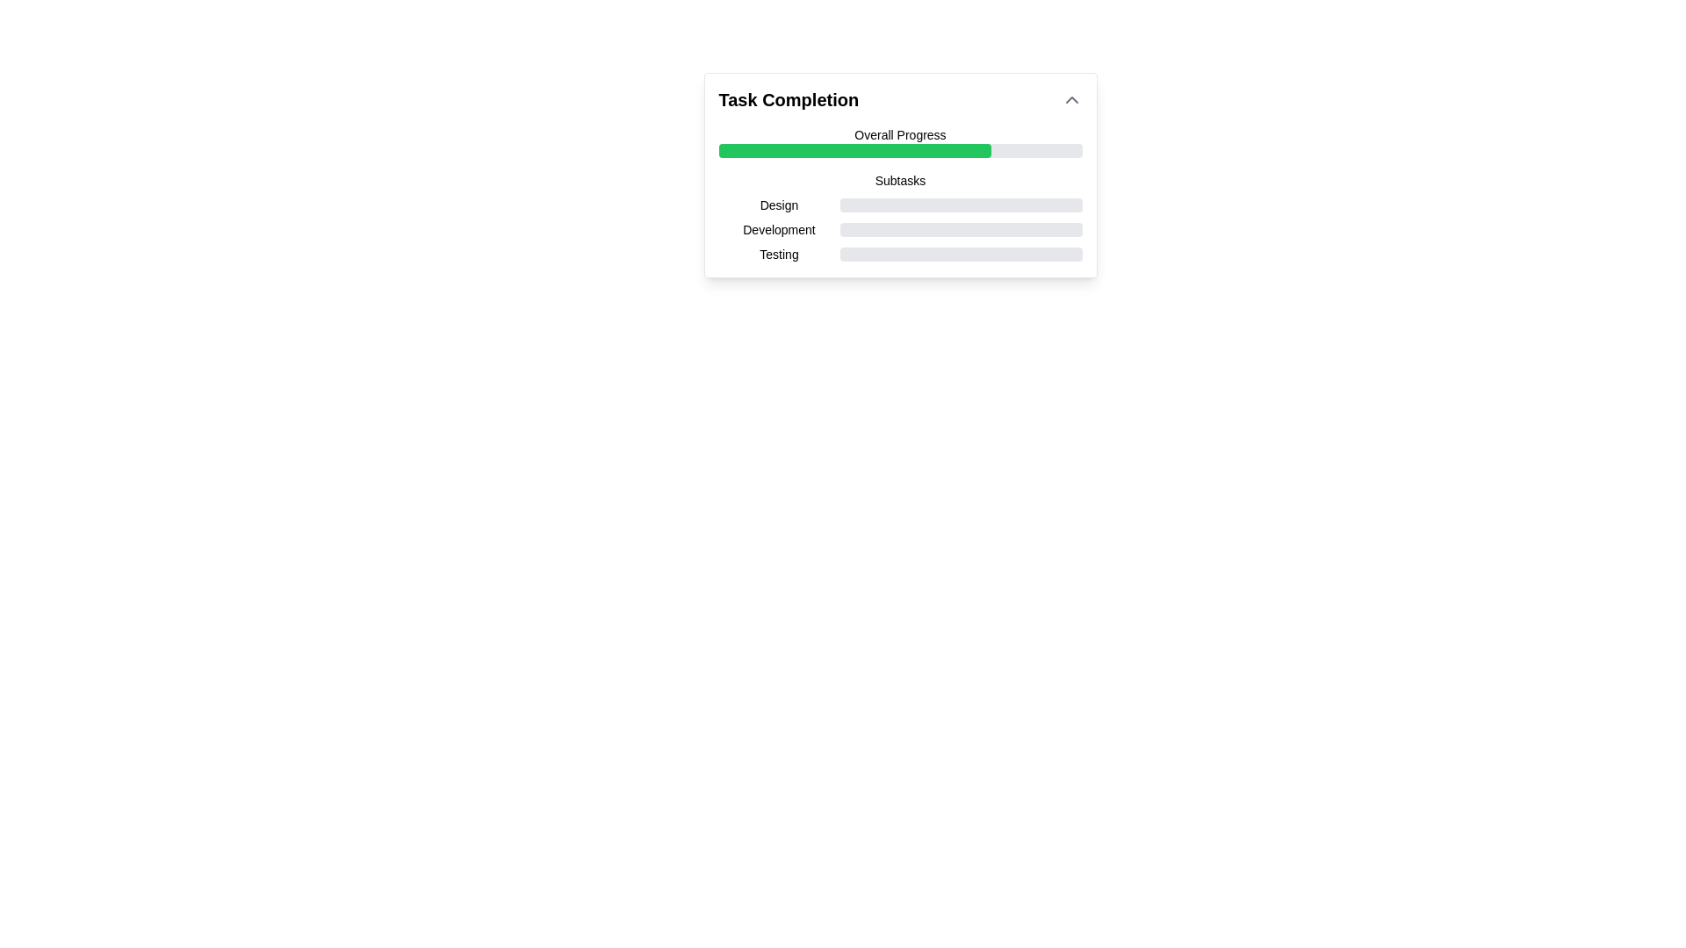 This screenshot has height=948, width=1686. What do you see at coordinates (778, 229) in the screenshot?
I see `the text label representing the subtask named 'Development' in the task tracking user interface, which is located under the 'Subtasks' section` at bounding box center [778, 229].